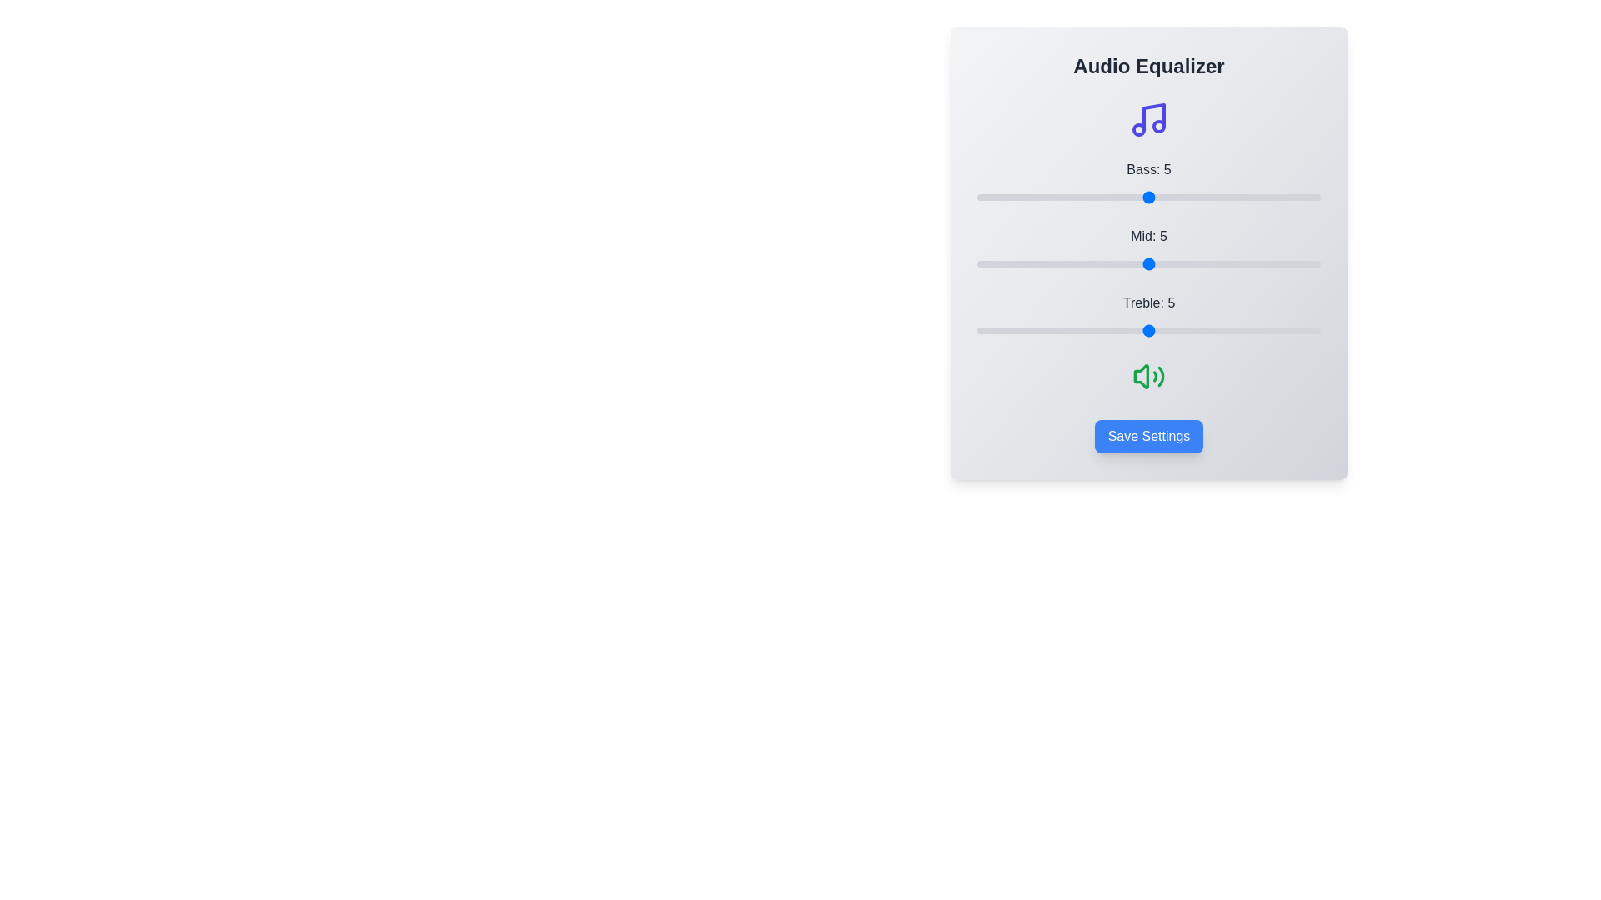 The height and width of the screenshot is (900, 1601). I want to click on the Mid slider to set its value to 5, so click(1147, 262).